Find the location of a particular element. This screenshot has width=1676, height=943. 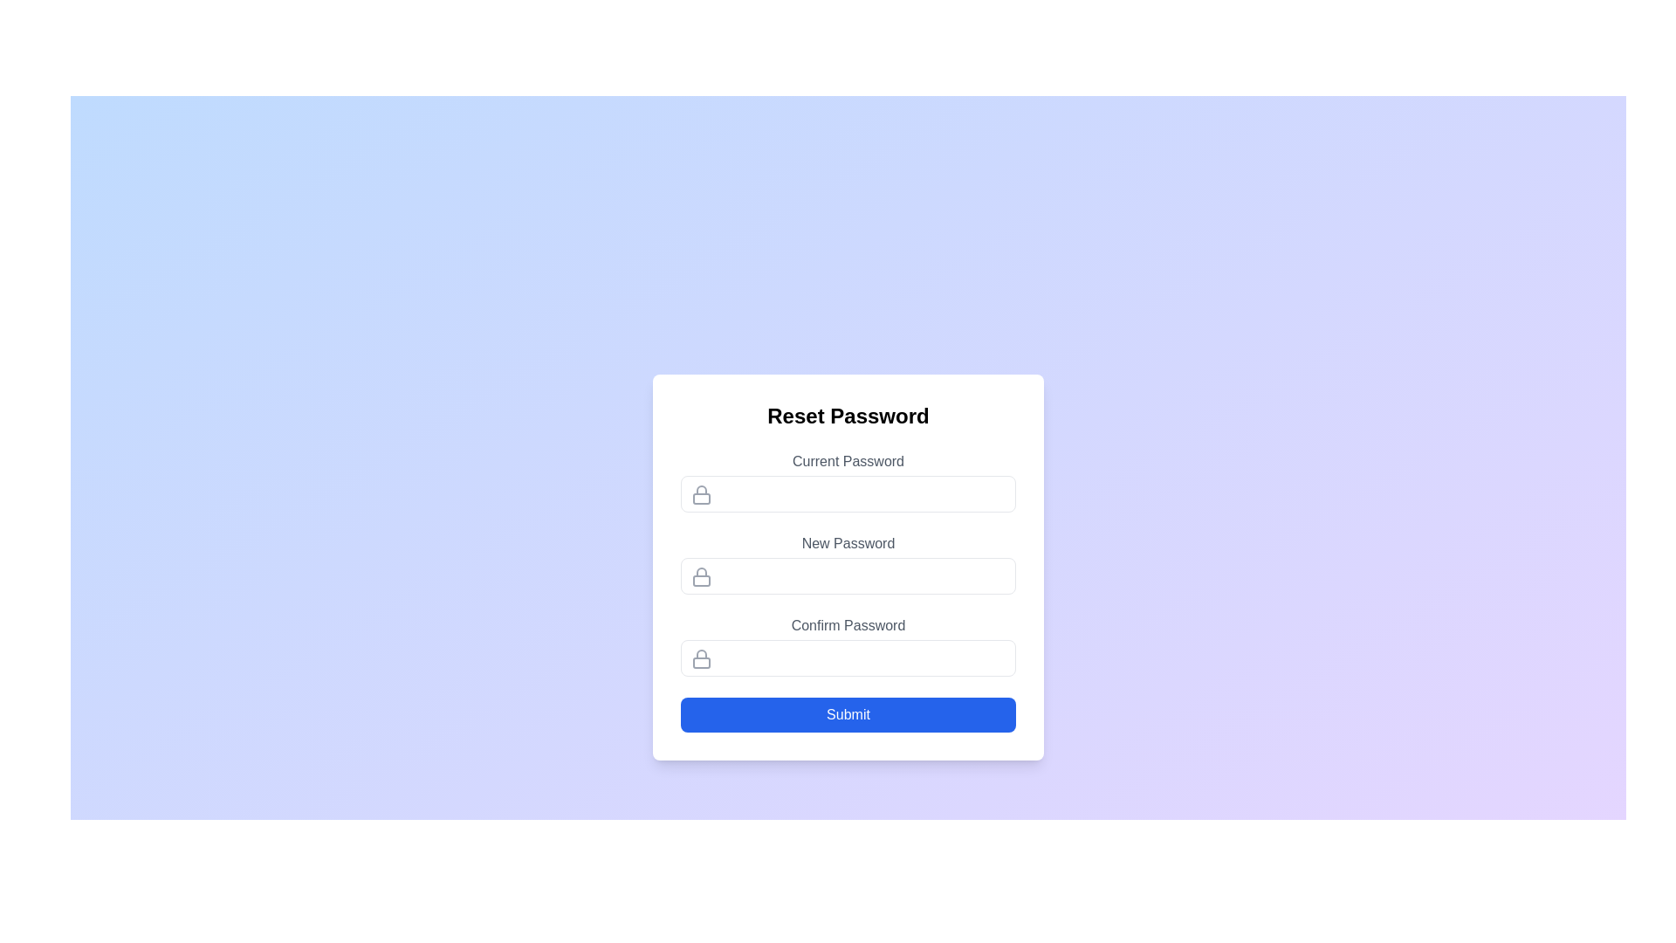

label displaying 'Current Password' which is positioned above the input field for entering the current password in the password reset form is located at coordinates (848, 460).